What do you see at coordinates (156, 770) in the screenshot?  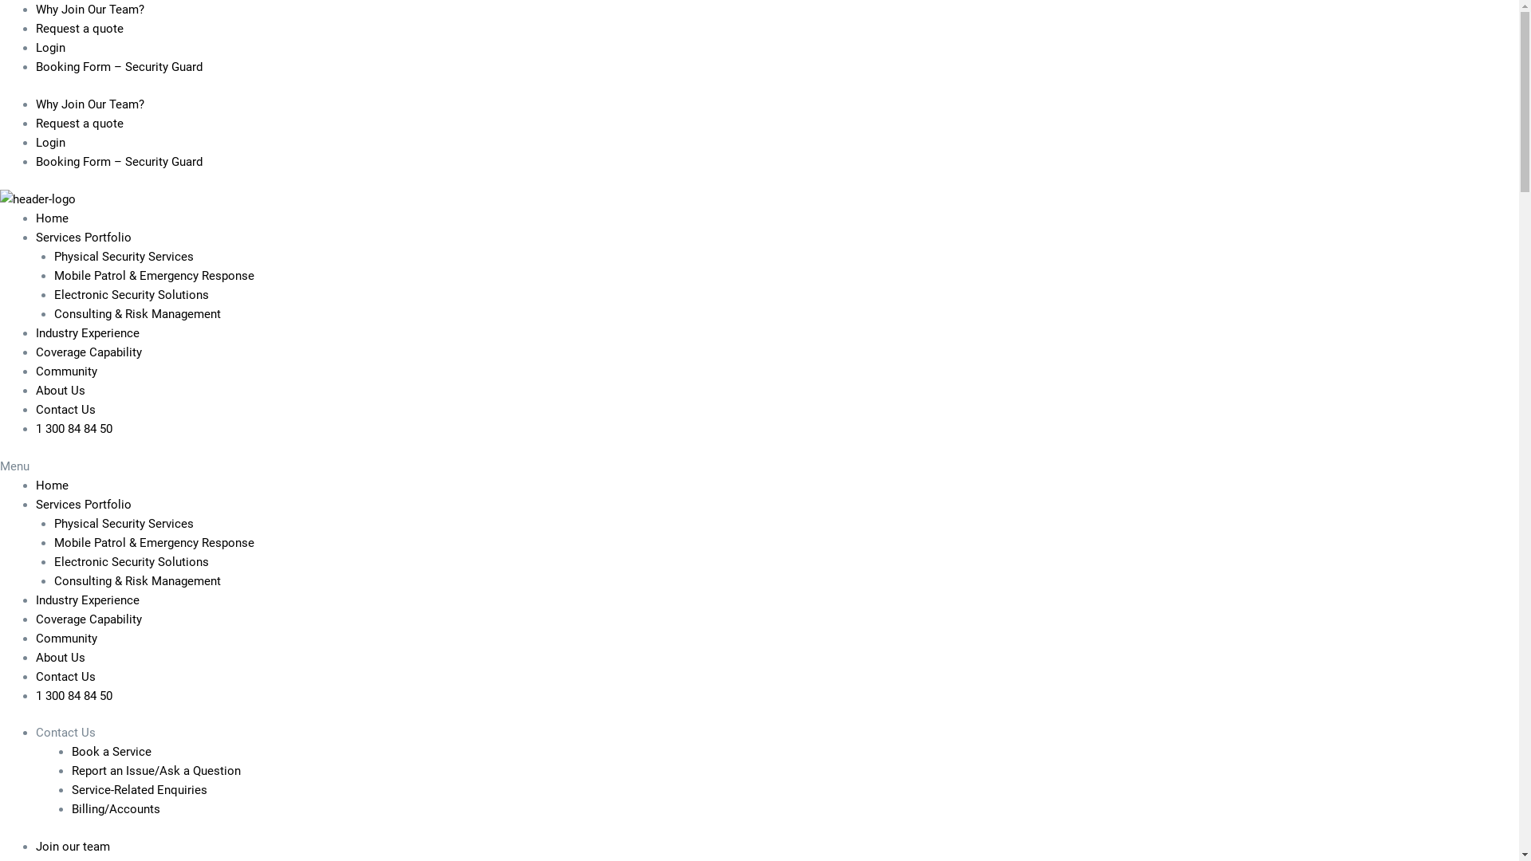 I see `'Report an Issue/Ask a Question'` at bounding box center [156, 770].